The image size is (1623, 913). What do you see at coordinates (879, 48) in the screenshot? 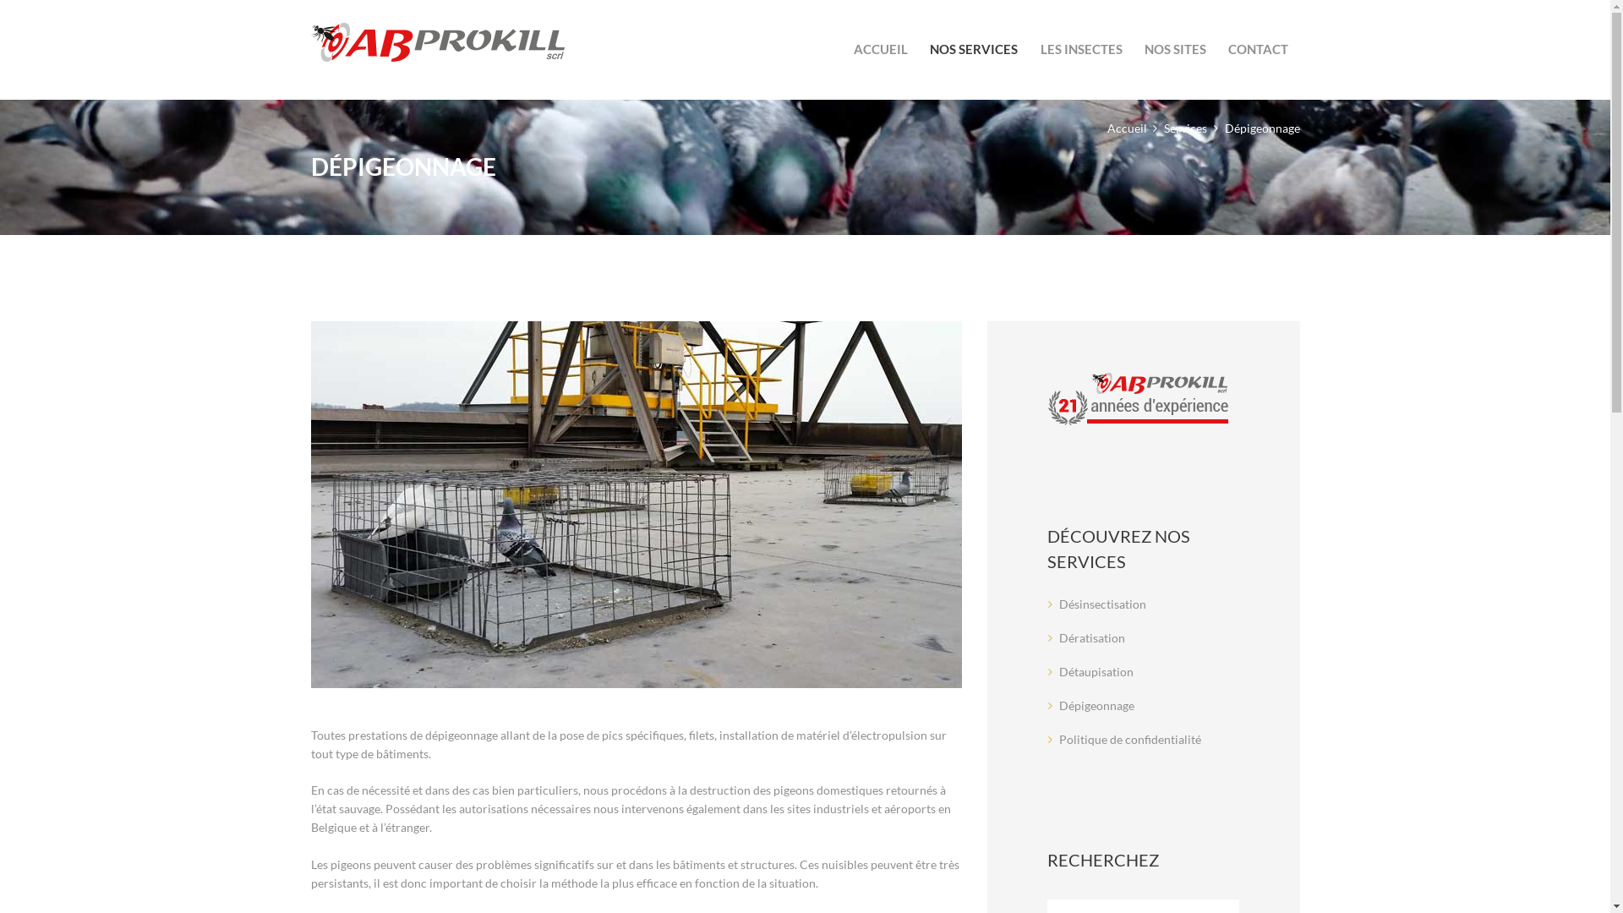
I see `'ACCUEIL'` at bounding box center [879, 48].